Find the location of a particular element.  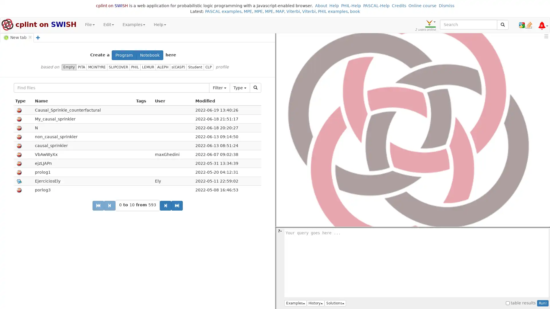

0to10from593 is located at coordinates (137, 205).